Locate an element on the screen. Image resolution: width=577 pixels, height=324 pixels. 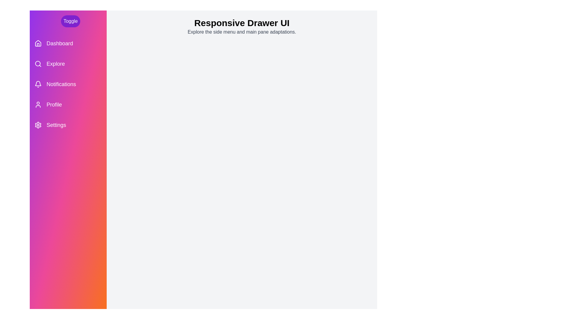
the menu item Notifications to observe its visual feedback is located at coordinates (68, 84).